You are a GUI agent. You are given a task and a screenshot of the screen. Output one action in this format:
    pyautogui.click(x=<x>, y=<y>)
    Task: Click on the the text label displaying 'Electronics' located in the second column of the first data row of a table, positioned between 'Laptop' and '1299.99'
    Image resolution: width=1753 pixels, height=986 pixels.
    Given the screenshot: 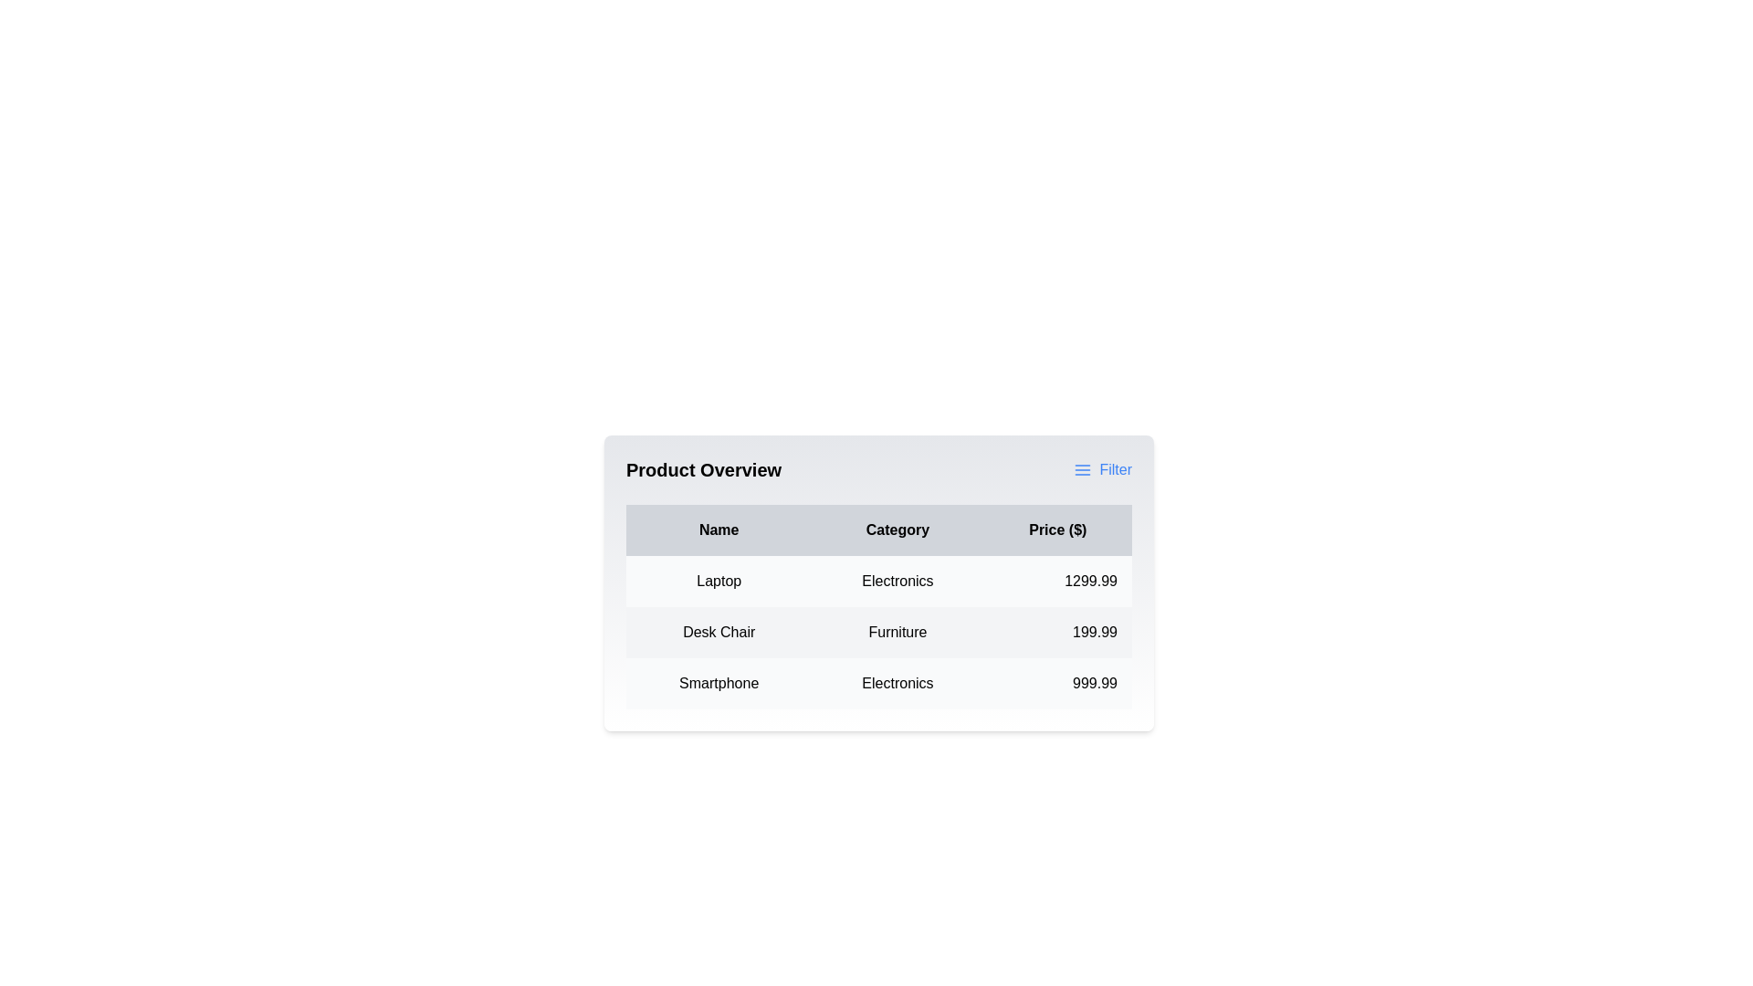 What is the action you would take?
    pyautogui.click(x=897, y=581)
    